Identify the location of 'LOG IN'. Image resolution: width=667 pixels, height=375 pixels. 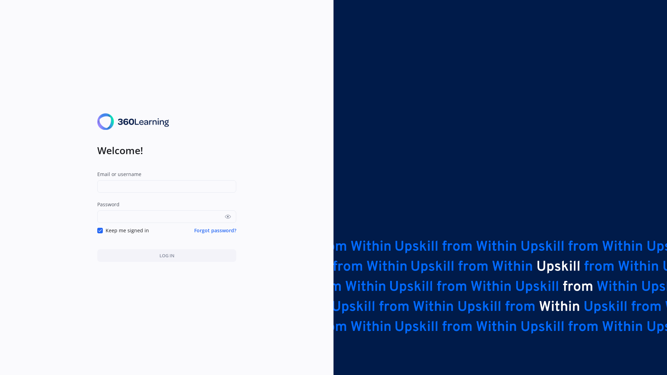
(167, 256).